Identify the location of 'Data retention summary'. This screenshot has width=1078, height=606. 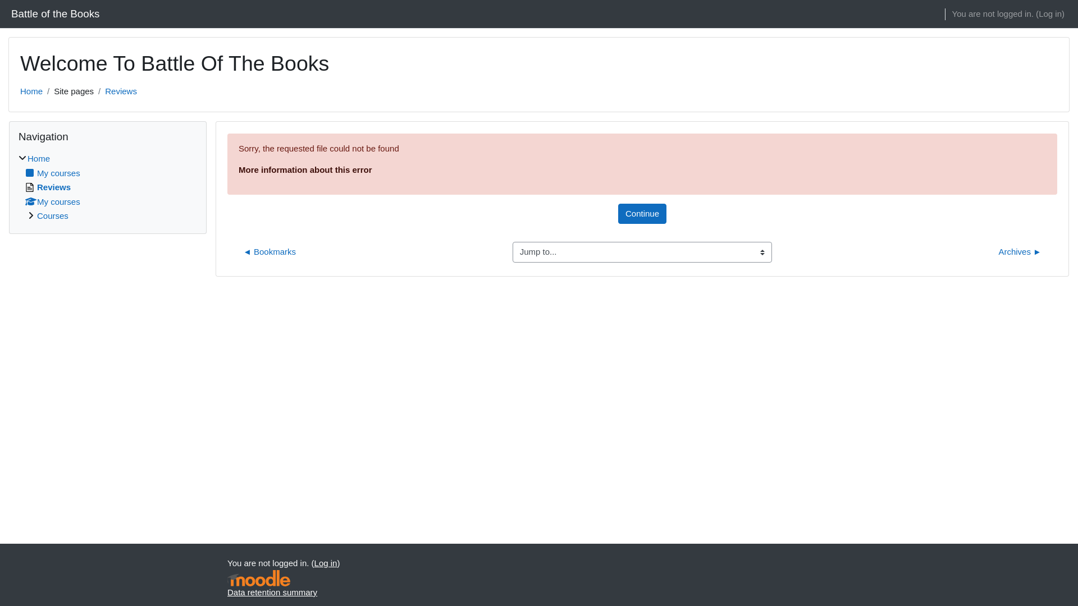
(272, 591).